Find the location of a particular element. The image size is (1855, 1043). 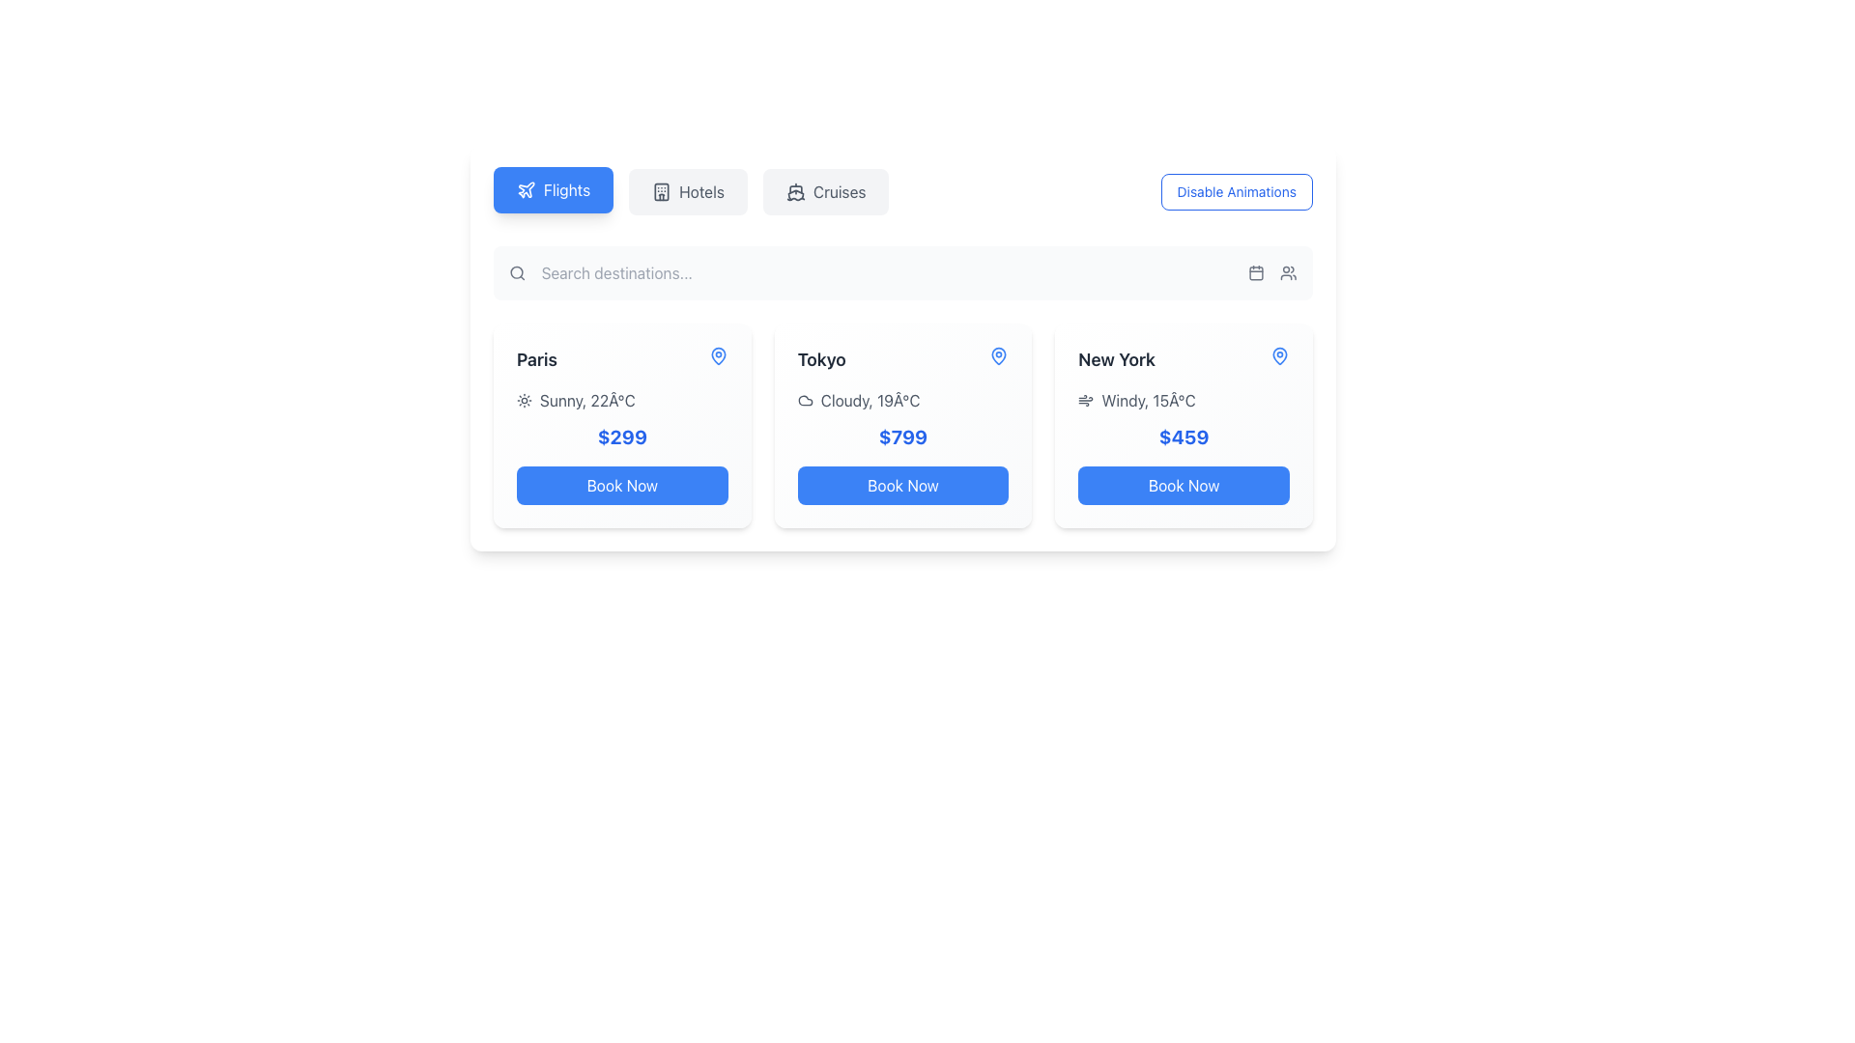

the Text label displaying the weather condition 'Windy, 15°C' for 'New York', which is located within the 'New York' card section, positioned second from the top, above the price display ('$459') is located at coordinates (1183, 400).